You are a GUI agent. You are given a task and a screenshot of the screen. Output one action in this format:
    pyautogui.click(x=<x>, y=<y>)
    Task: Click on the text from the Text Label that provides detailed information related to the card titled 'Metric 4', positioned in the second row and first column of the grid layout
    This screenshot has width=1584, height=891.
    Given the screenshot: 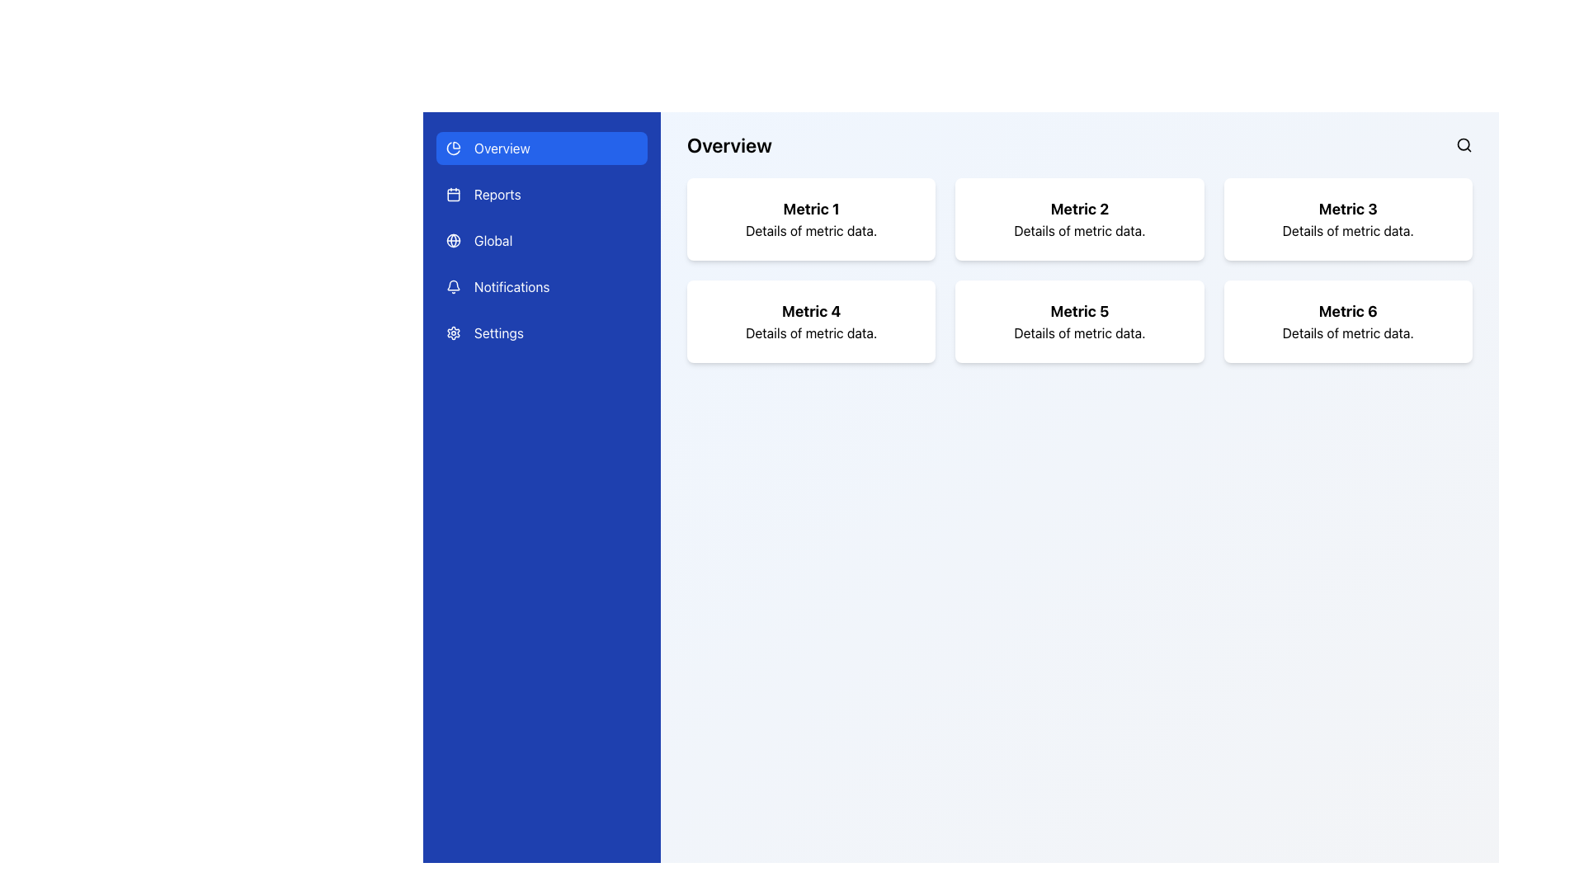 What is the action you would take?
    pyautogui.click(x=811, y=333)
    